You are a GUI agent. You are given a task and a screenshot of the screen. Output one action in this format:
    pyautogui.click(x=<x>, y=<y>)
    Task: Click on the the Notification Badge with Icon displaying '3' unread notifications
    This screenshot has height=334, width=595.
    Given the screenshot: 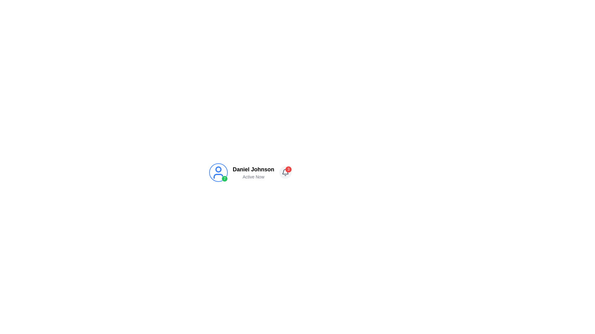 What is the action you would take?
    pyautogui.click(x=285, y=173)
    